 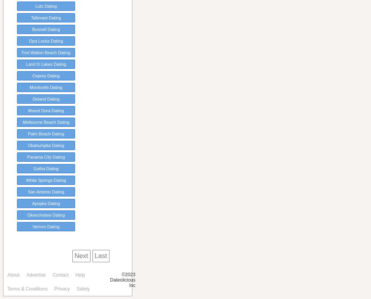 What do you see at coordinates (55, 256) in the screenshot?
I see `'Previous'` at bounding box center [55, 256].